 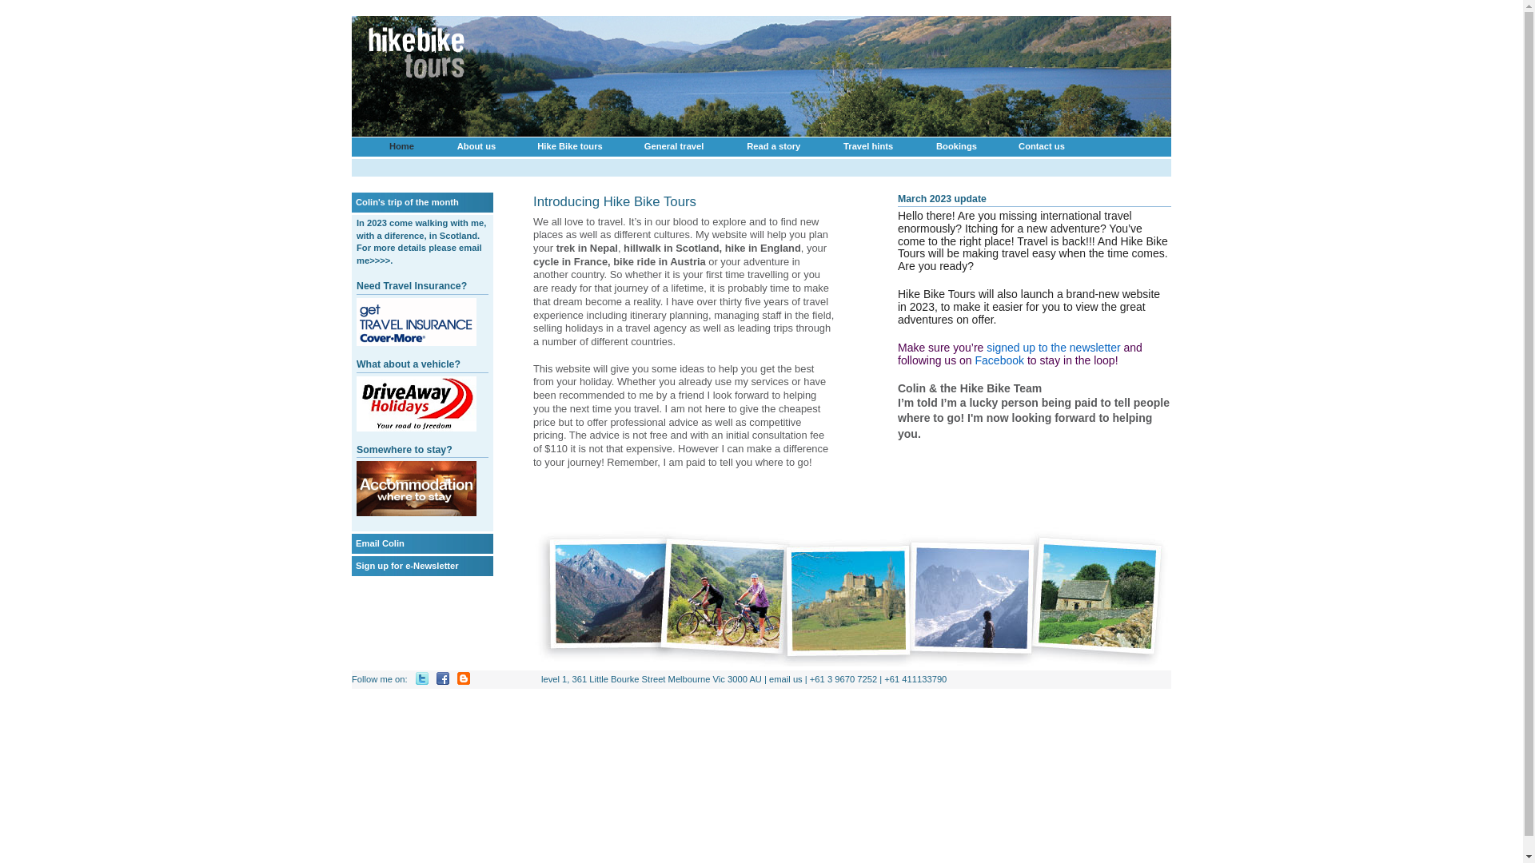 What do you see at coordinates (867, 146) in the screenshot?
I see `'Travel hints'` at bounding box center [867, 146].